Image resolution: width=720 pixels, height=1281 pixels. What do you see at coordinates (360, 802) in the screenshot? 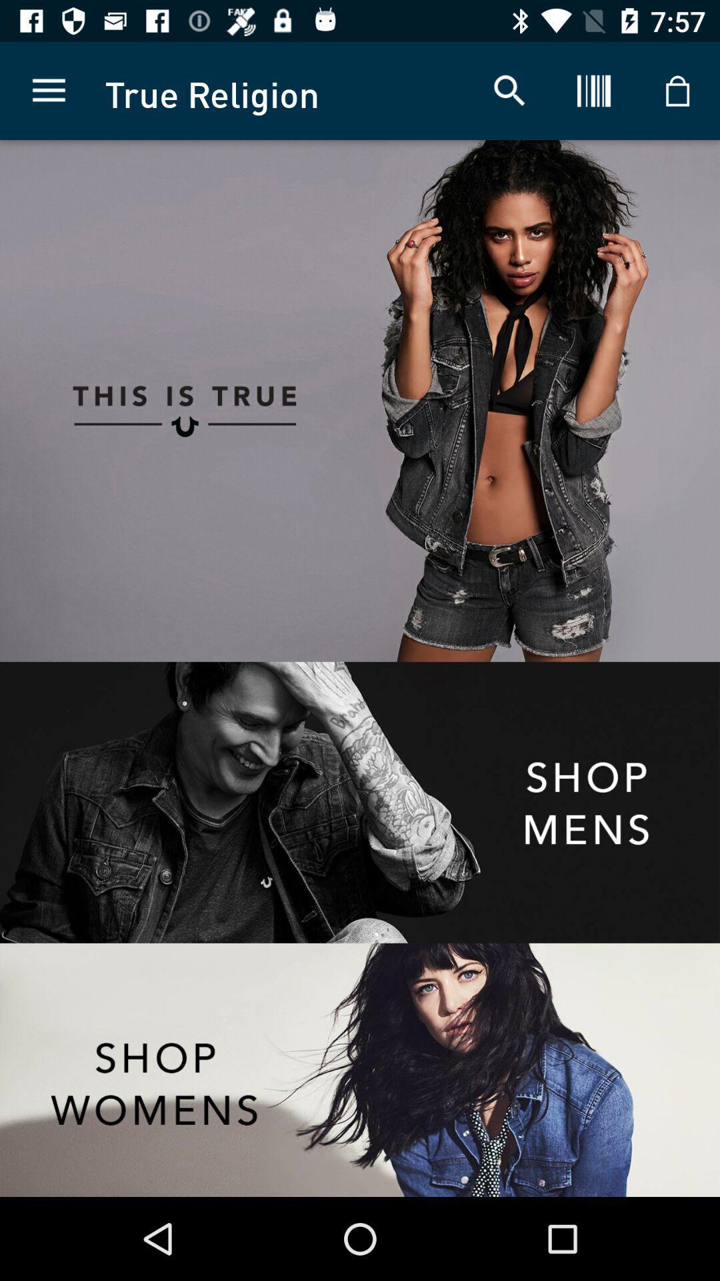
I see `open specific app menu` at bounding box center [360, 802].